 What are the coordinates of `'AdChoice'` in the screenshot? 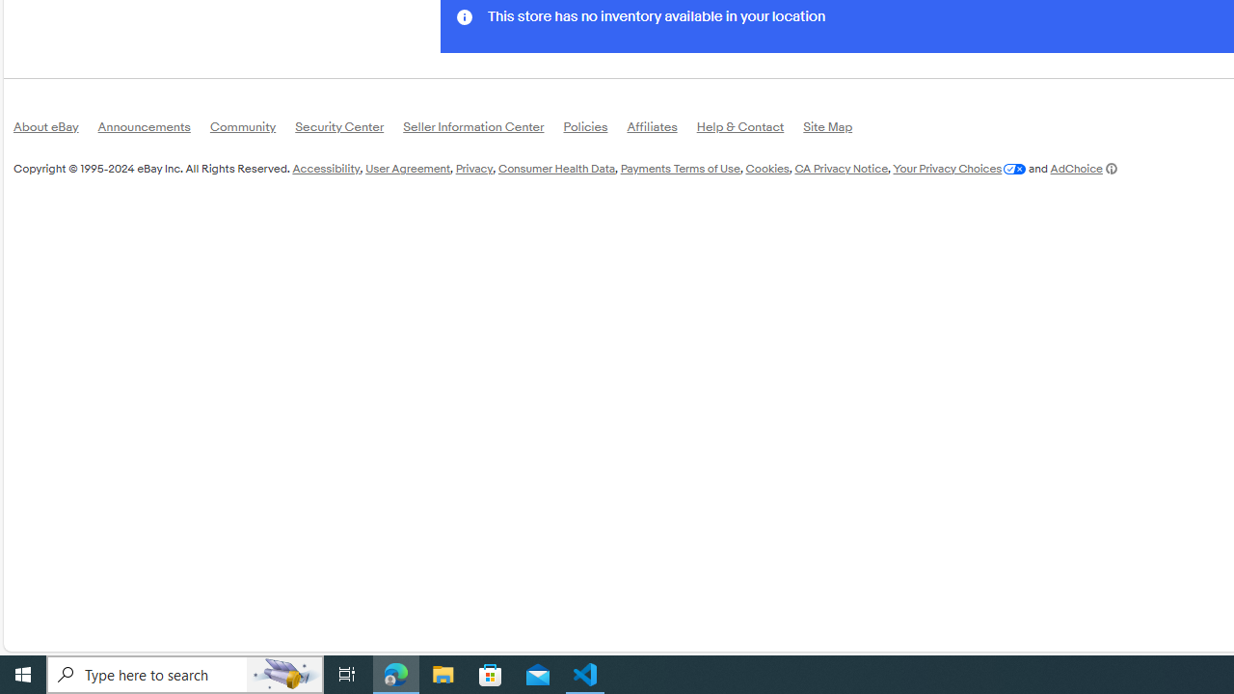 It's located at (1083, 167).